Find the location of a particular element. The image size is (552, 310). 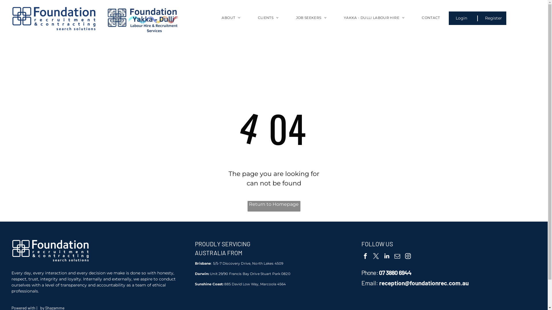

'JOB SEEKERS' is located at coordinates (311, 22).